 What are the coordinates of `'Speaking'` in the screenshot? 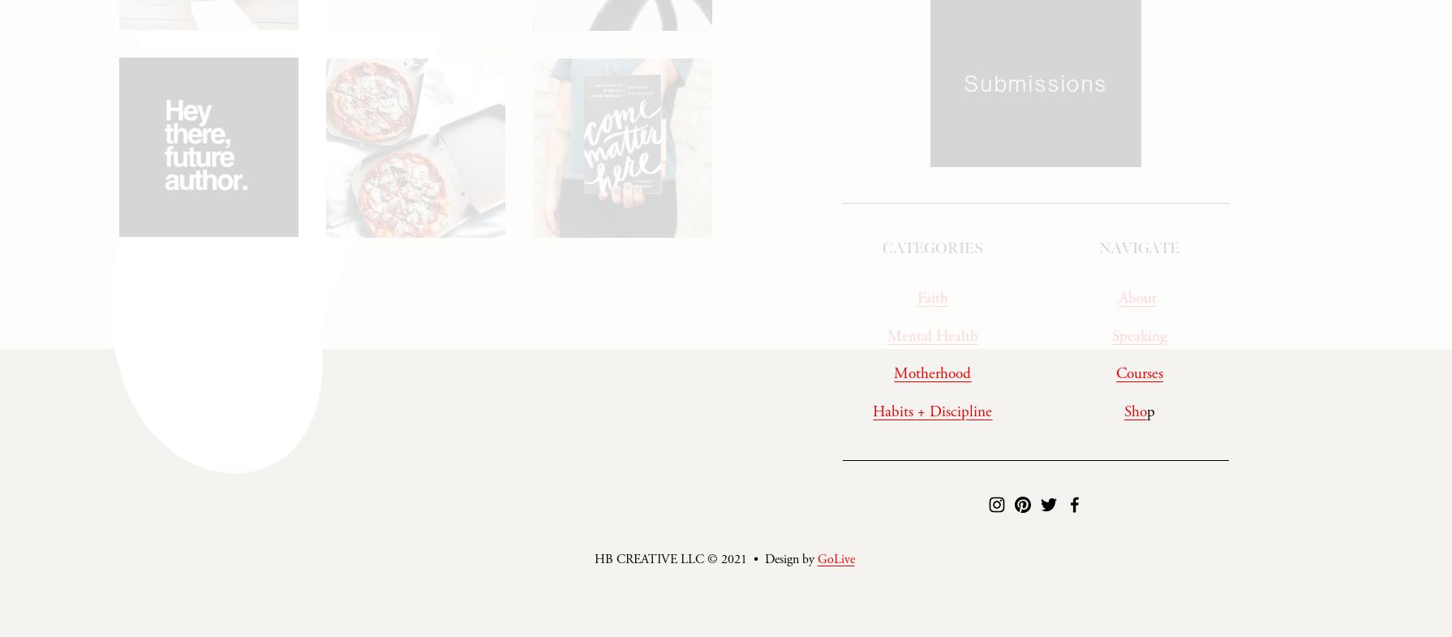 It's located at (1138, 341).